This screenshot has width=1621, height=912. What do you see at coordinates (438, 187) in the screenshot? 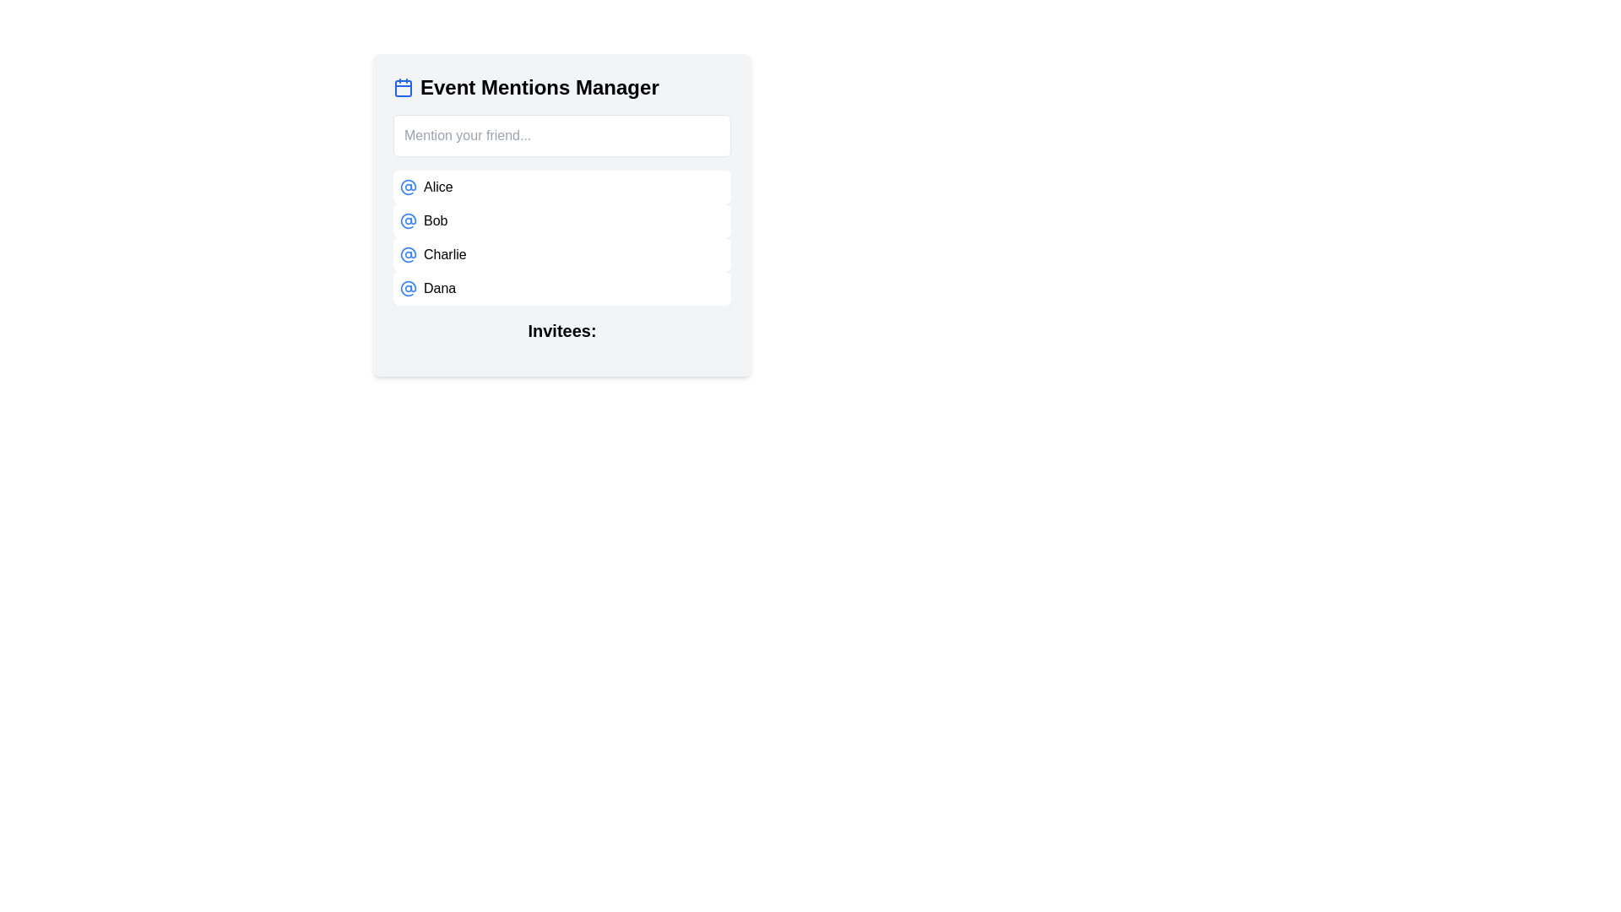
I see `the text label that serves as a selectable mention option for the user, located to the right of the blue '@' icon` at bounding box center [438, 187].